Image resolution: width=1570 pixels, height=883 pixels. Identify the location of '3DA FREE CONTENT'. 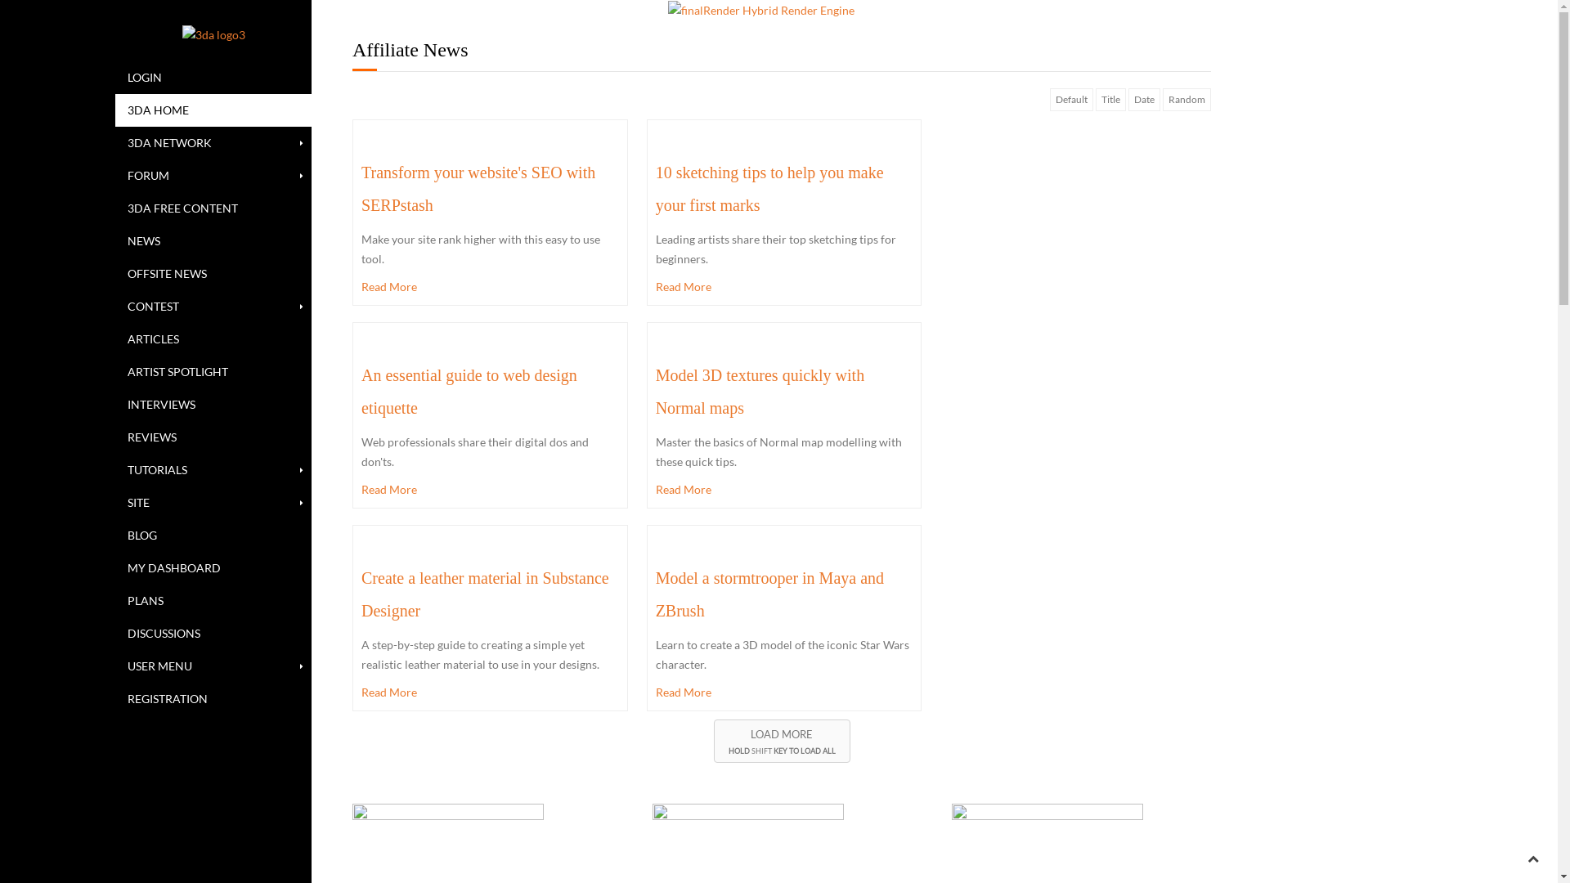
(212, 207).